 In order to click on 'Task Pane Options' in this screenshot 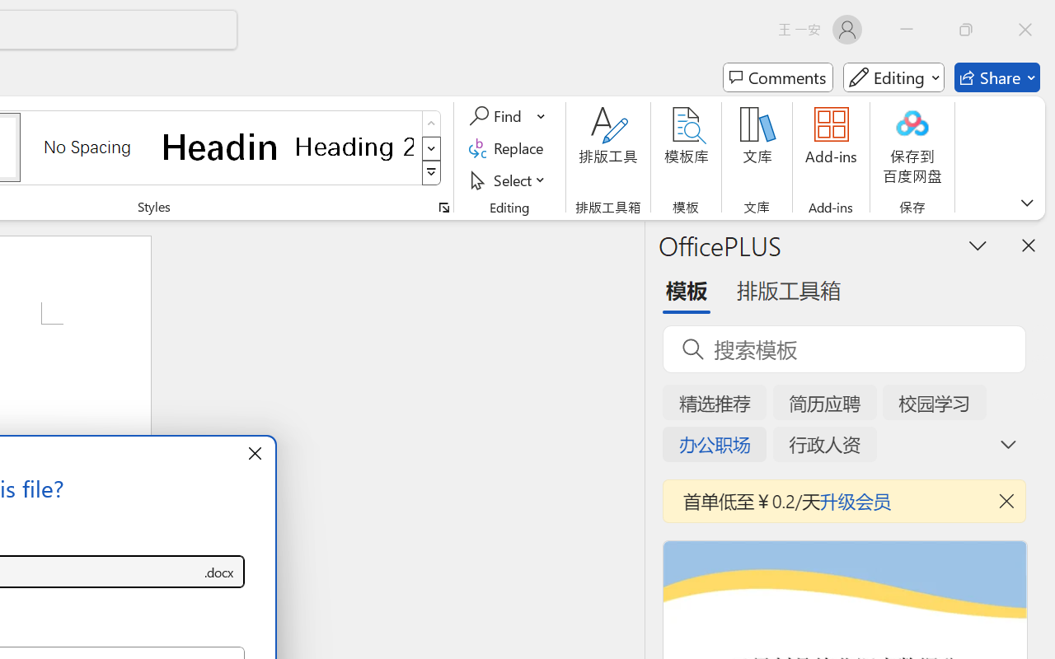, I will do `click(978, 245)`.